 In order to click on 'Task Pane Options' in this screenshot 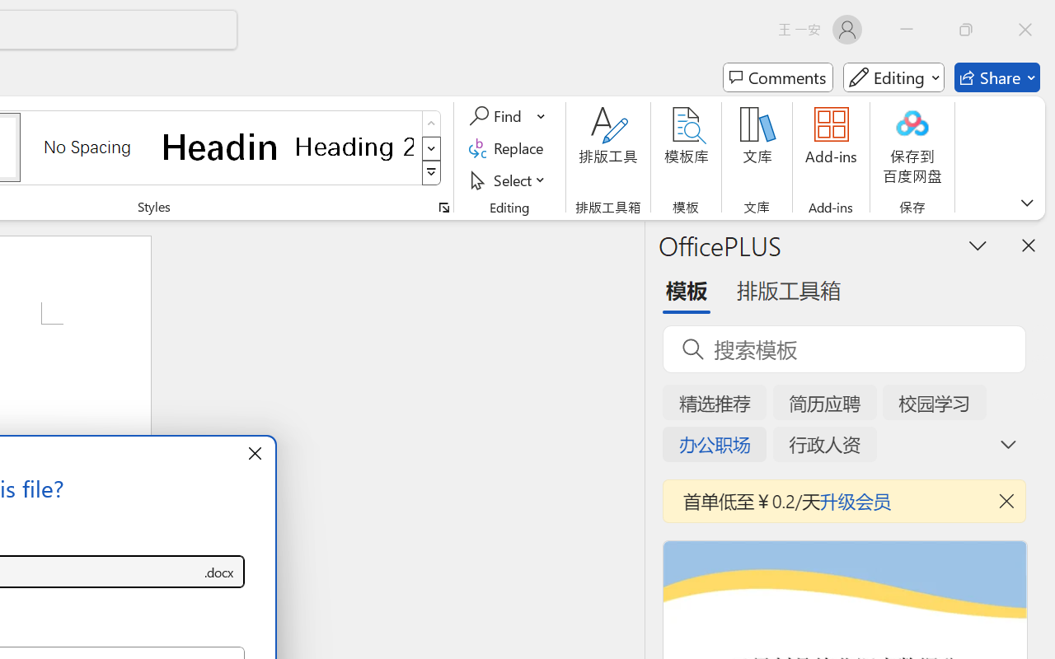, I will do `click(978, 245)`.